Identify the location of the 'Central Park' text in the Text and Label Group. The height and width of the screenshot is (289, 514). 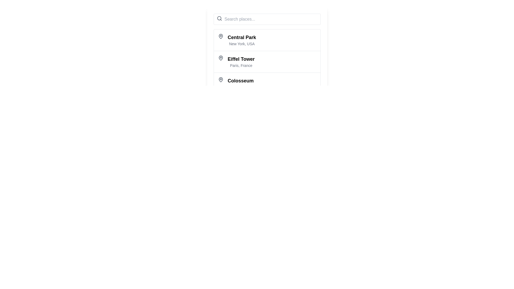
(241, 40).